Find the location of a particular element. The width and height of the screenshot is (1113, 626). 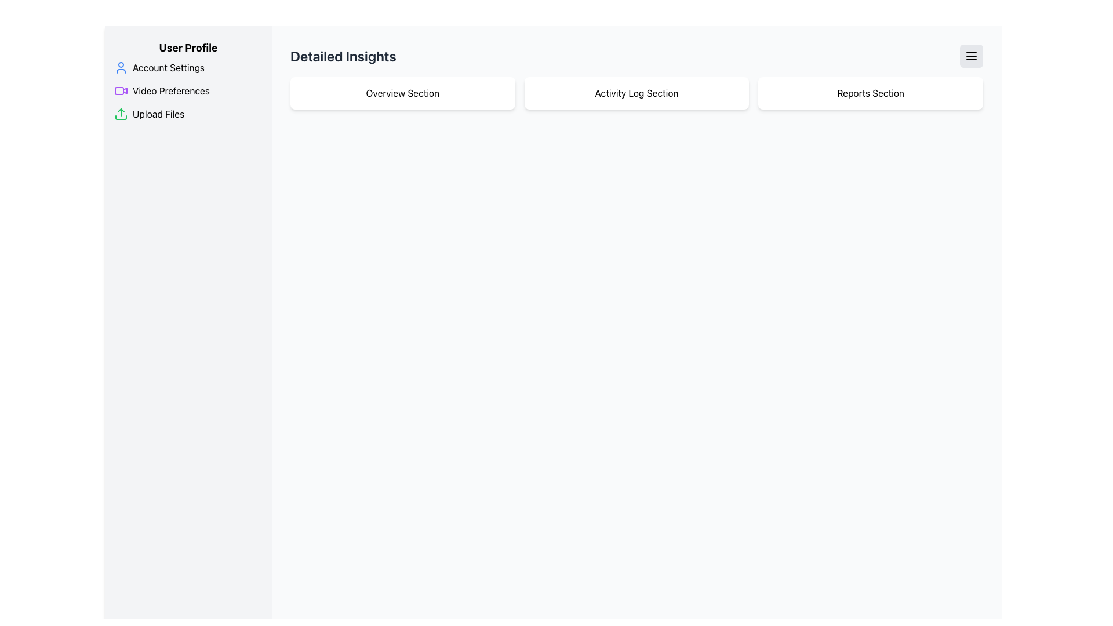

the 'Account Settings' menu item, which is the first item in the User Profile section of the vertical menu list on the left side of the interface is located at coordinates (188, 67).